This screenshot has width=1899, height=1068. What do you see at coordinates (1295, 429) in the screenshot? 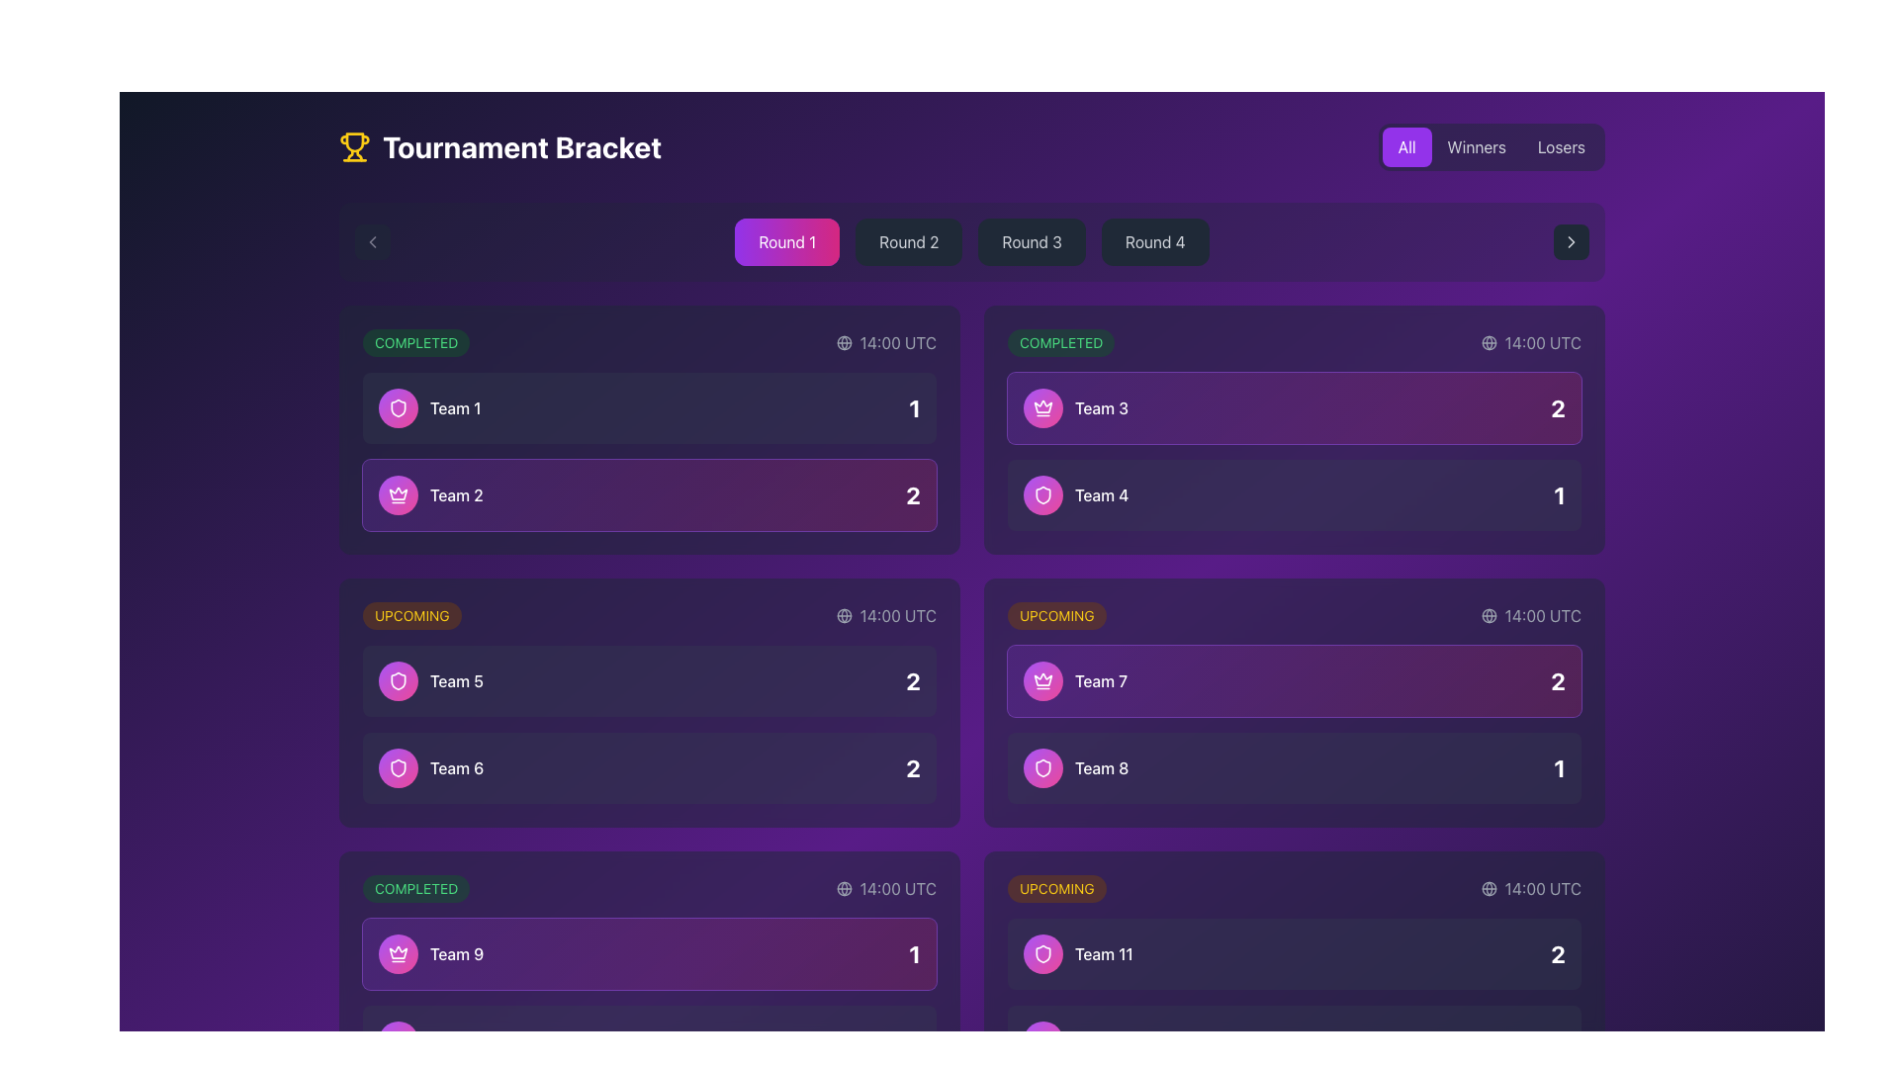
I see `the Tournament match result display block that shows the completed match result, including teams, scores, and match status` at bounding box center [1295, 429].